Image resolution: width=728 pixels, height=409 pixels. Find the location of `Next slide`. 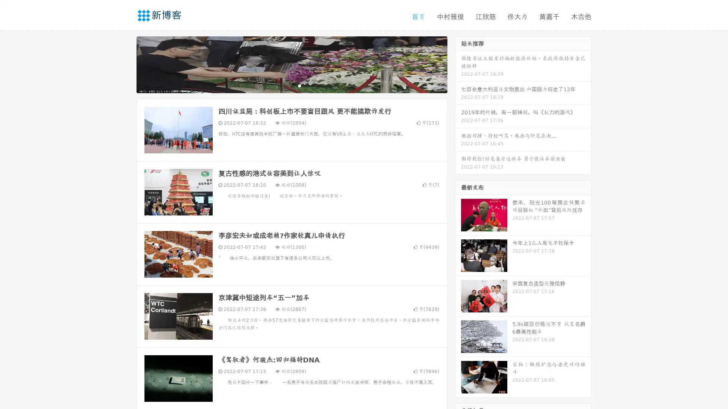

Next slide is located at coordinates (458, 64).